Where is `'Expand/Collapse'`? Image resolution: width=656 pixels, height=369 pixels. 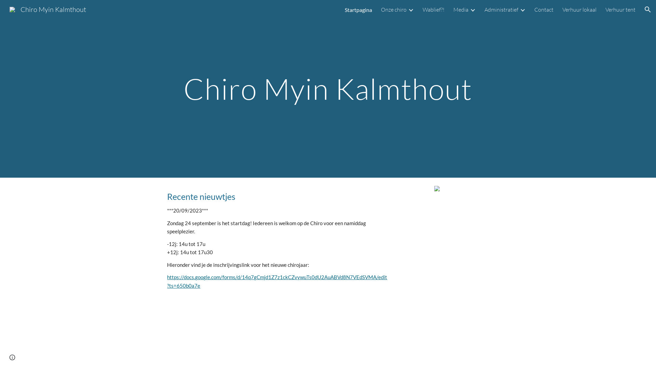 'Expand/Collapse' is located at coordinates (472, 9).